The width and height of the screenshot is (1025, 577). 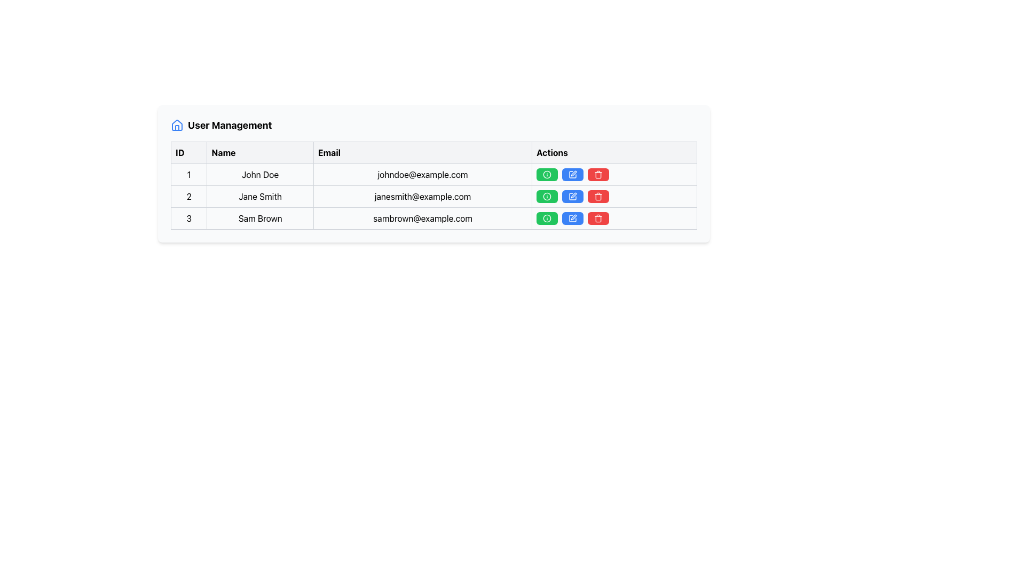 What do you see at coordinates (598, 196) in the screenshot?
I see `the red delete button with a trash can icon located in the 'Actions' column of the table for the user with the email 'janesmith@example.com'` at bounding box center [598, 196].